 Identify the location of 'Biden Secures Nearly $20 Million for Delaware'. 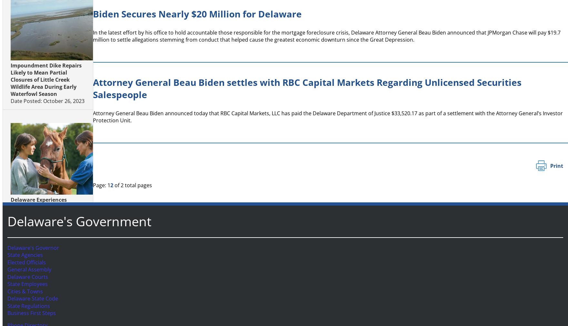
(197, 14).